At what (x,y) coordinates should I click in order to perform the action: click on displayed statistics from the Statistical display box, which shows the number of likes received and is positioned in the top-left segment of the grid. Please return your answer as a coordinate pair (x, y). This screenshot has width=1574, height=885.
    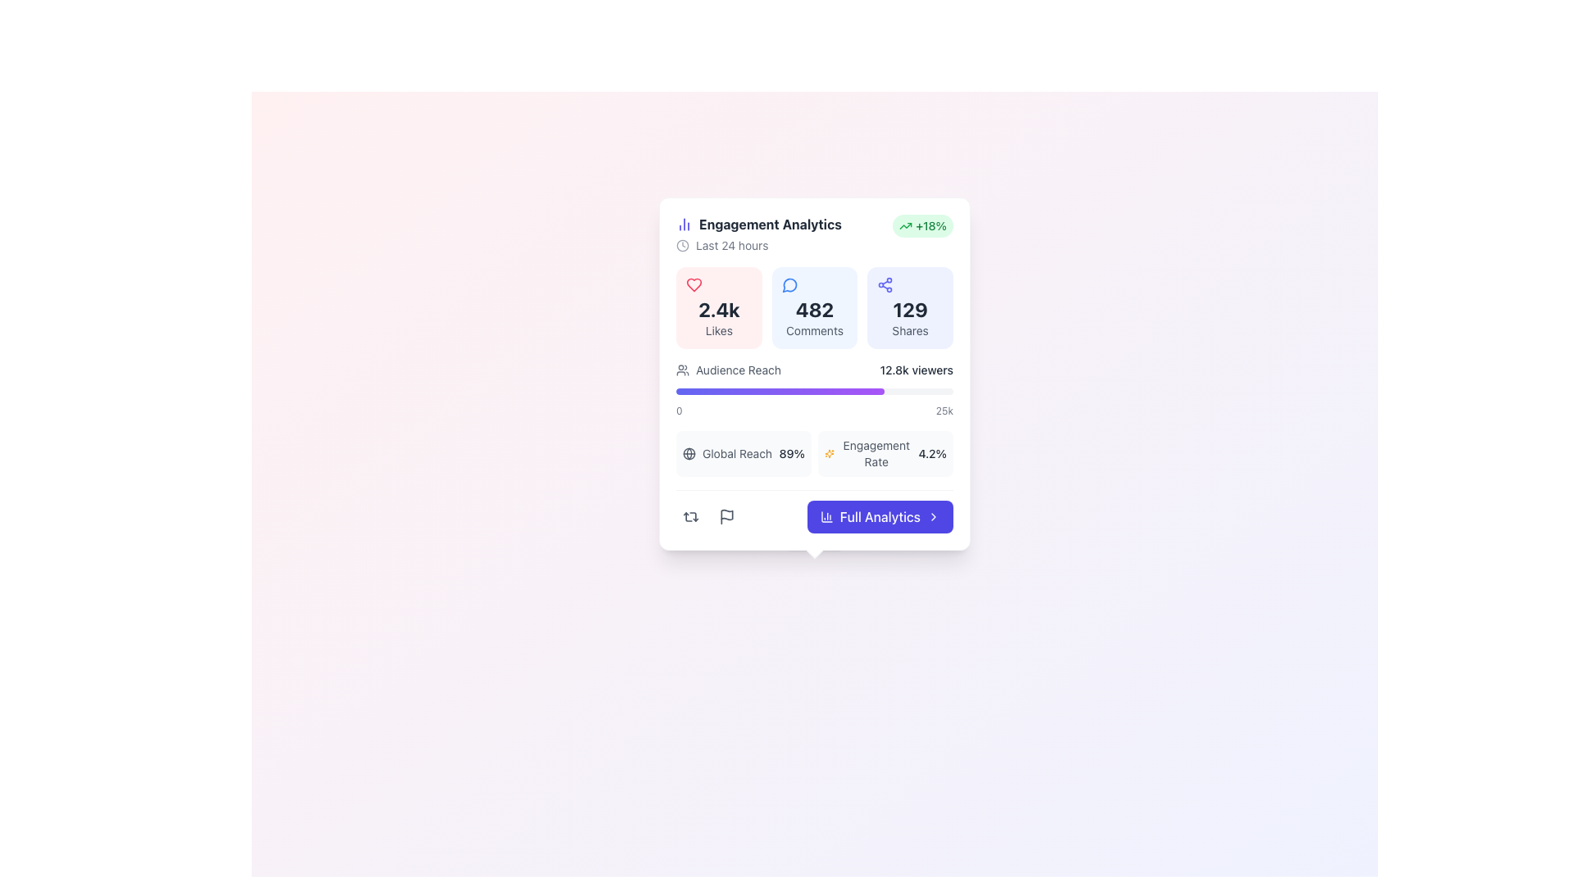
    Looking at the image, I should click on (719, 307).